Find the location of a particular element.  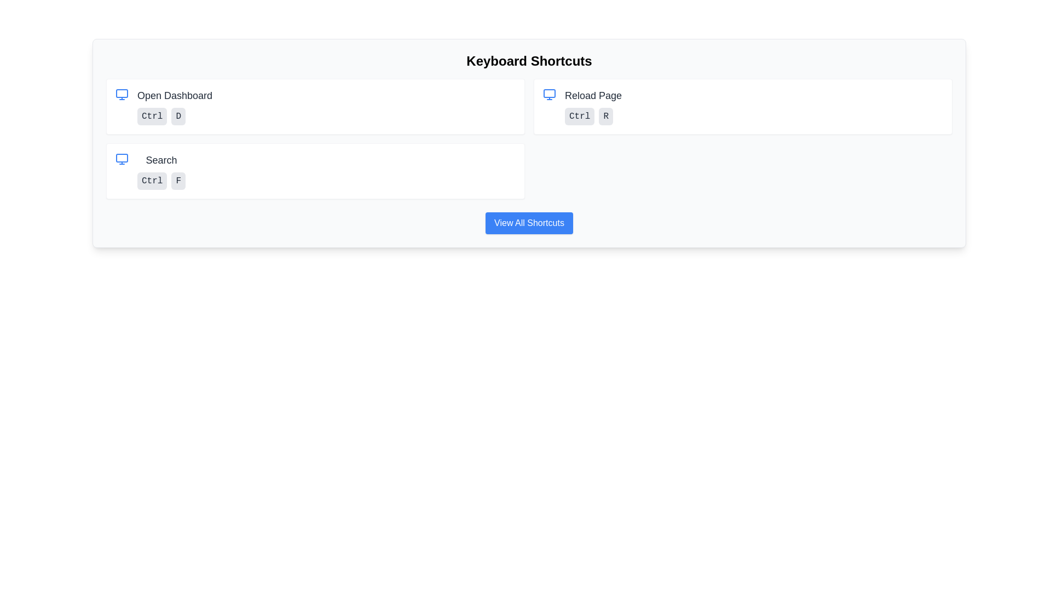

the blue SVG monitor icon located in the top-right corner next to the 'Reload Page' text is located at coordinates (549, 94).